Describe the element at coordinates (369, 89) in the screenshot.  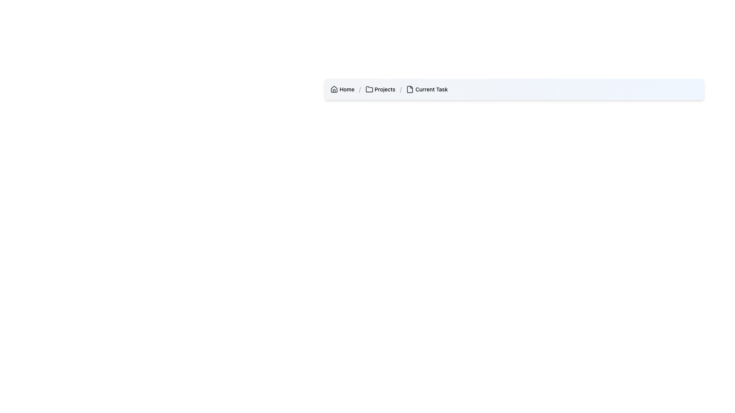
I see `the folder icon representing the 'Projects' section in the breadcrumb navigation` at that location.